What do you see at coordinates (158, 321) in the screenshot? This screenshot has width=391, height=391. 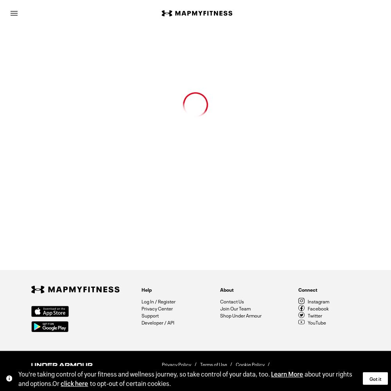 I see `'Developer / API'` at bounding box center [158, 321].